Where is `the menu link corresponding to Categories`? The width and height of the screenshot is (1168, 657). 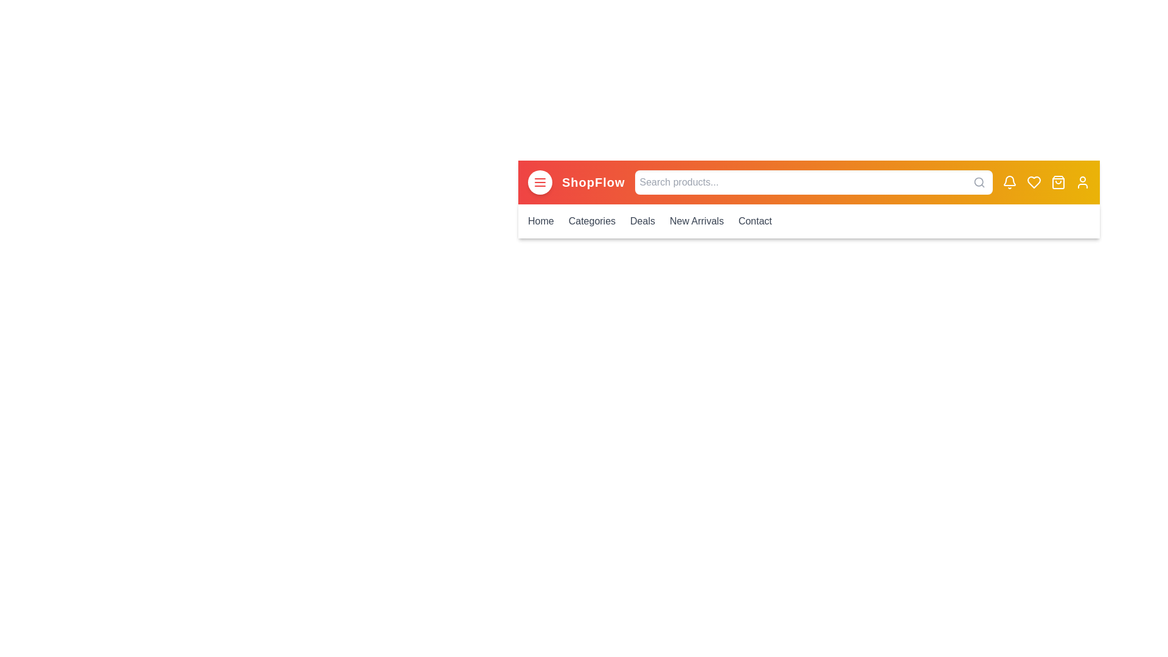 the menu link corresponding to Categories is located at coordinates (592, 221).